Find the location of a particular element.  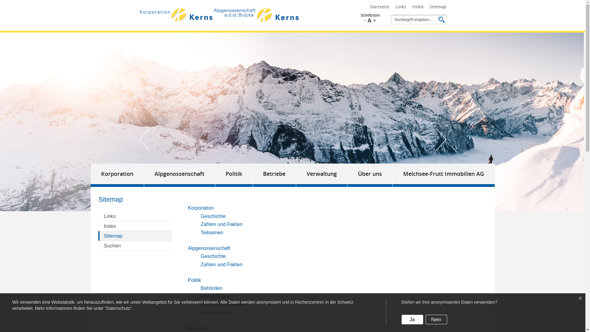

'Sitemap' is located at coordinates (135, 235).